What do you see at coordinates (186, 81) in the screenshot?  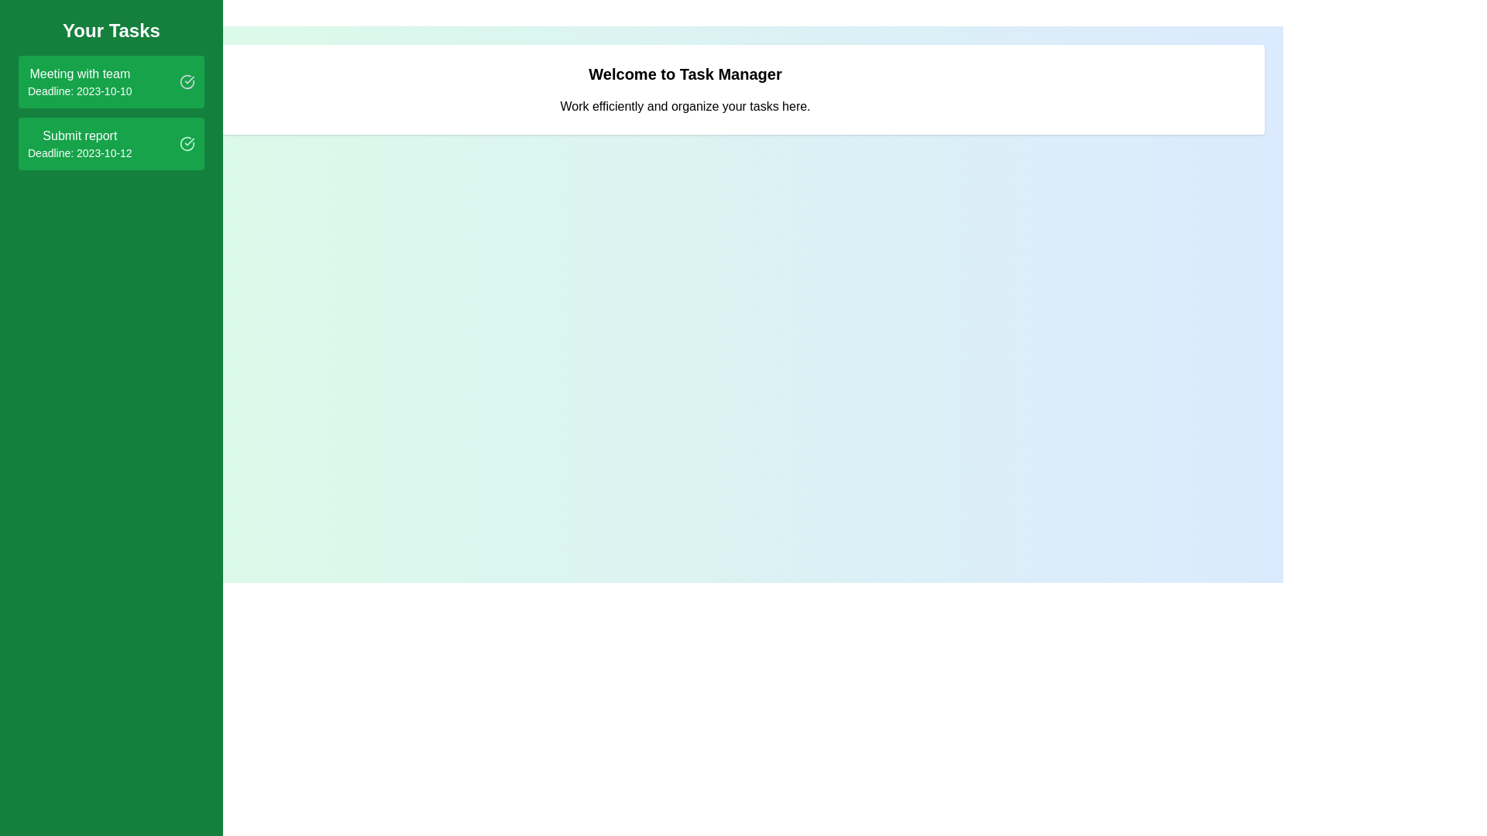 I see `the check circle icon next to the task 'Meeting with team' to mark it as completed` at bounding box center [186, 81].